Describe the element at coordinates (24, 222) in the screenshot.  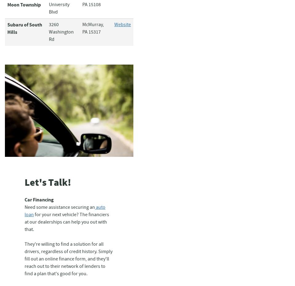
I see `'for your next vehicle? The financiers at our dealerships can help you out with that.'` at that location.